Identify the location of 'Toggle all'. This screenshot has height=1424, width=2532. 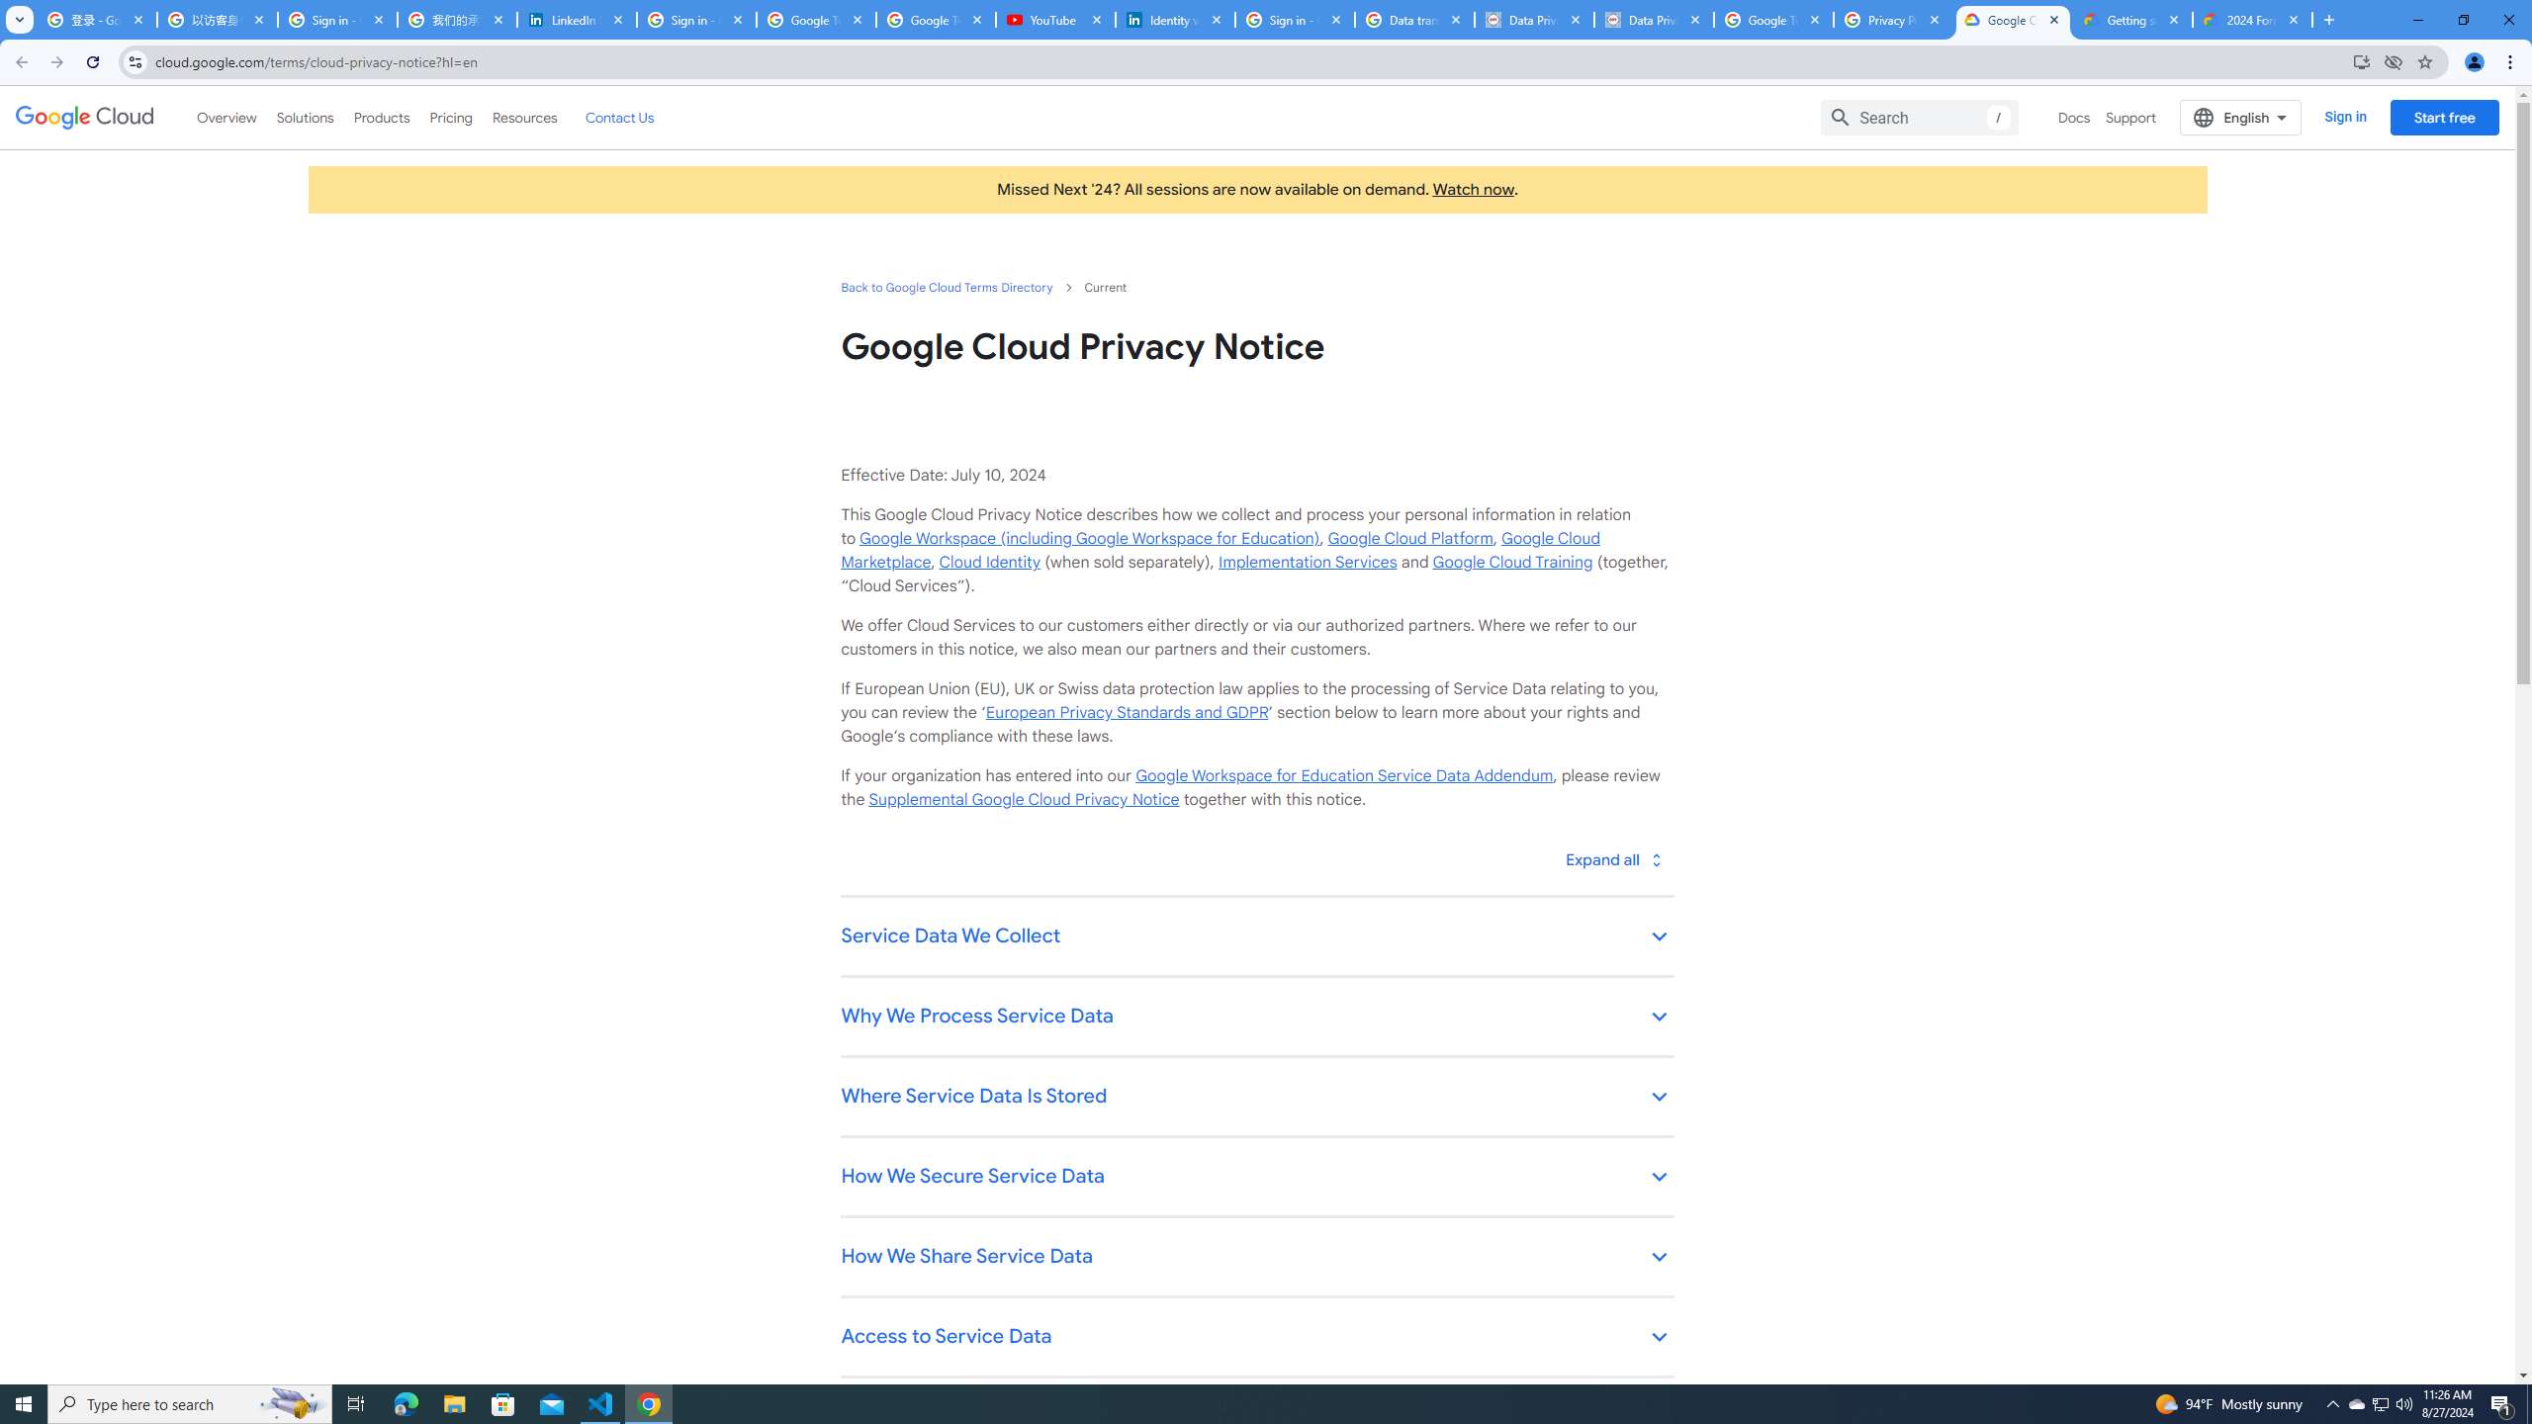
(1612, 859).